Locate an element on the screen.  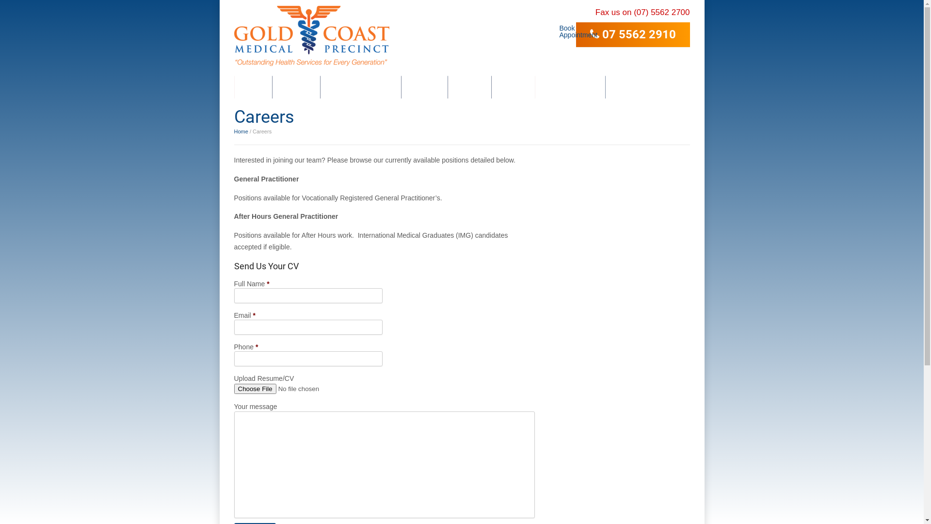
'Home' is located at coordinates (253, 86).